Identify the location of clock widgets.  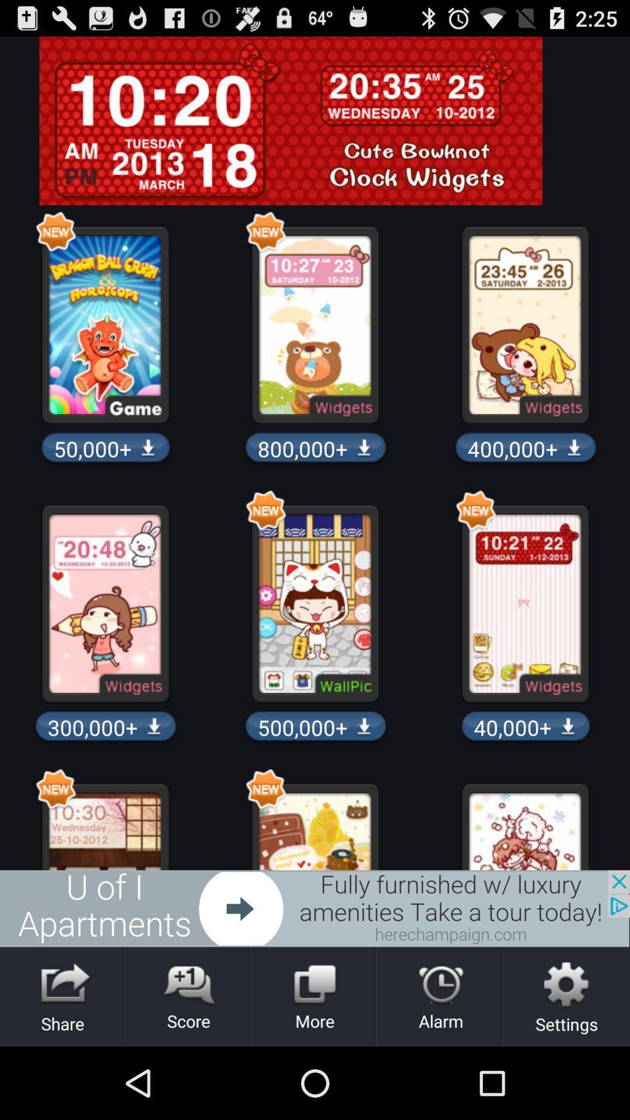
(315, 121).